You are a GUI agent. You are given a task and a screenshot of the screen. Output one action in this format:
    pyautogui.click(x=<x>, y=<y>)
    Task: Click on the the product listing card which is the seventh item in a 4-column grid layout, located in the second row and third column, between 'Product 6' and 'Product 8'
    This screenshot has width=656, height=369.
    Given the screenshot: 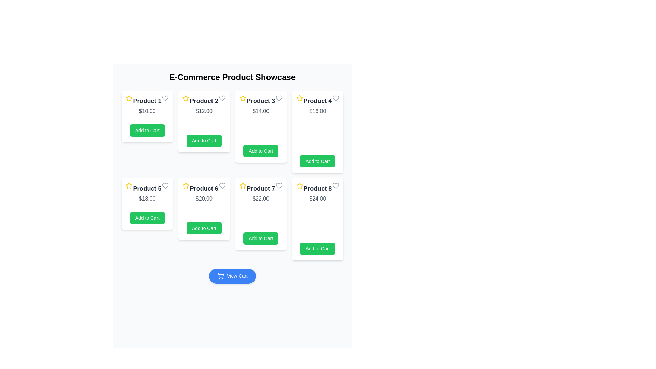 What is the action you would take?
    pyautogui.click(x=260, y=214)
    